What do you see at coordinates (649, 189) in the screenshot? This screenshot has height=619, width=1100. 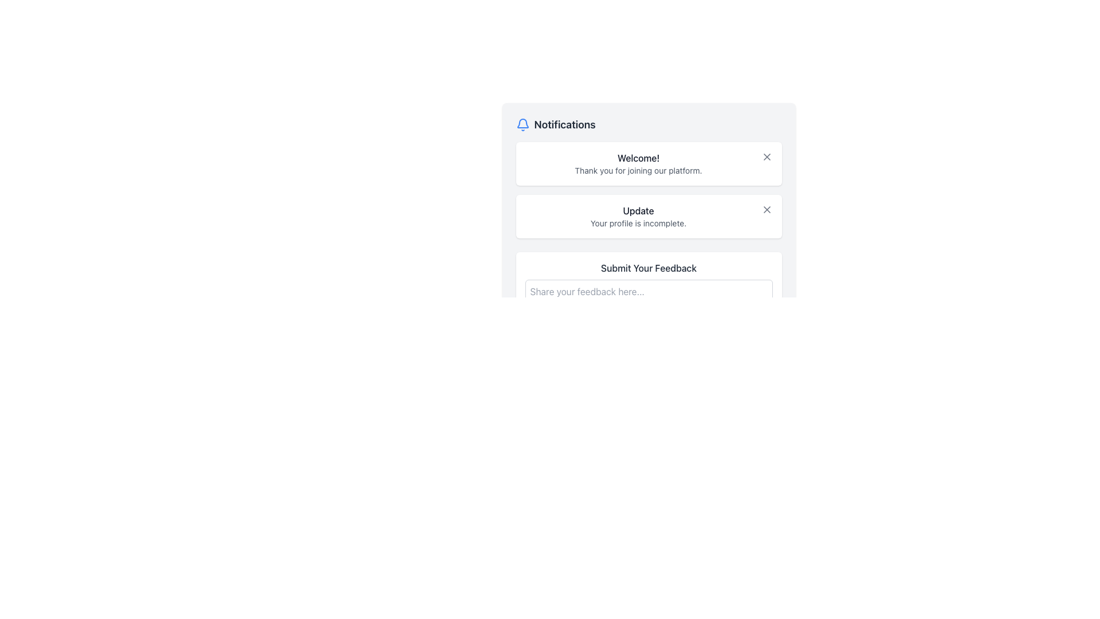 I see `notifications from the Notification component that displays messages including 'Welcome! Thank you for joining our platform.' and 'Update Your profile is incomplete.'` at bounding box center [649, 189].